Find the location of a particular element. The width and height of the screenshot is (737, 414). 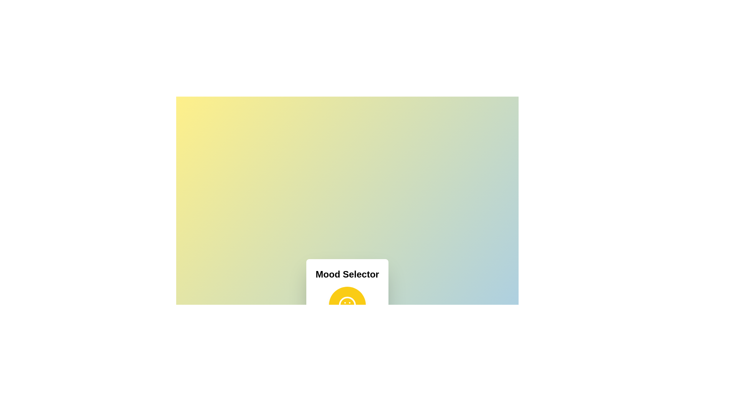

the mood toggle button to switch the mood is located at coordinates (347, 304).